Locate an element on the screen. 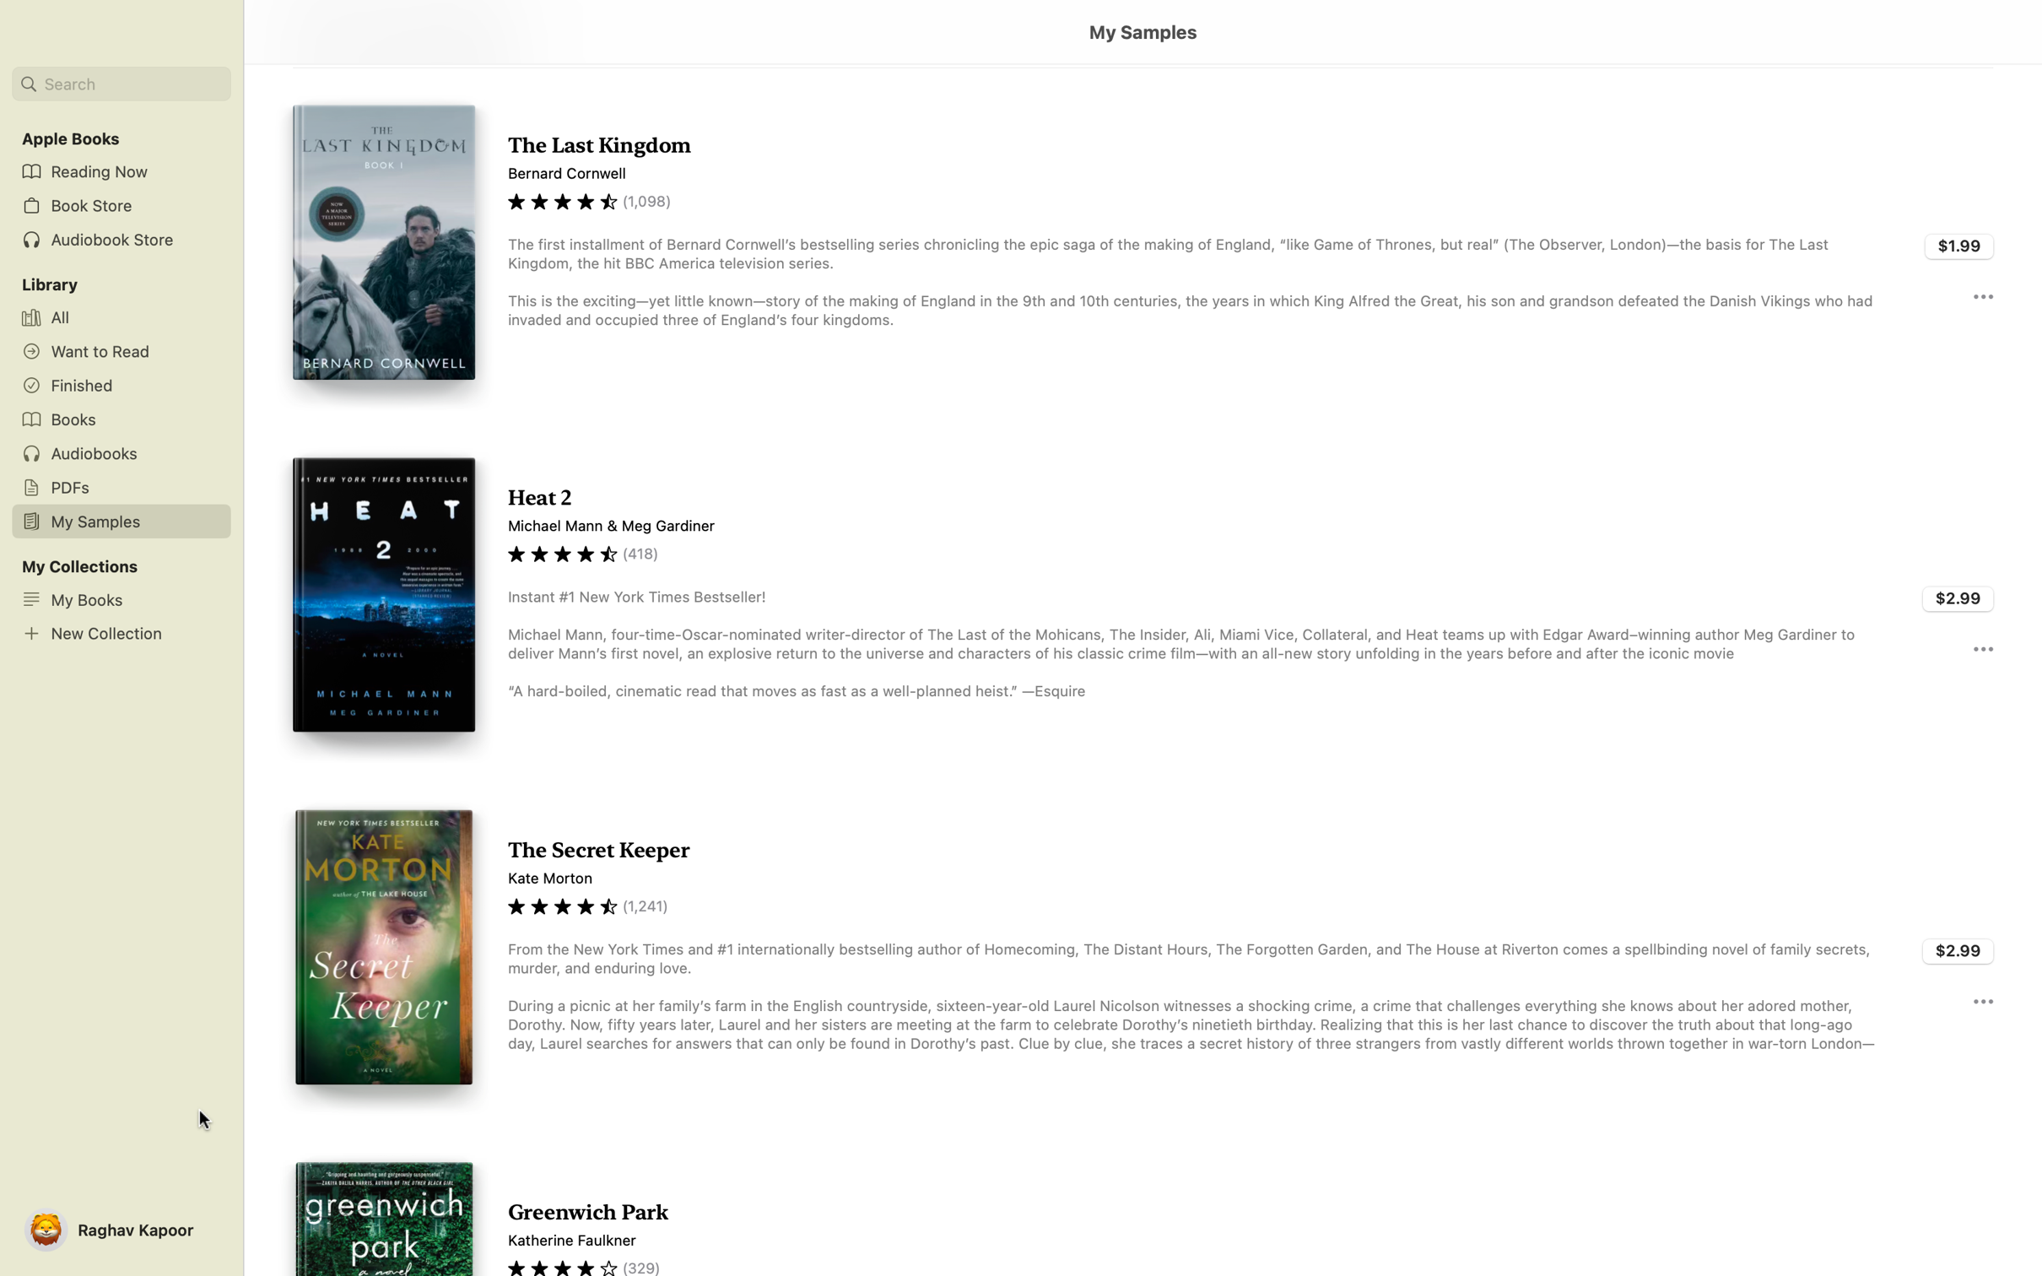  the three dots next to the book "Heat 2" to explore more details is located at coordinates (1982, 648).